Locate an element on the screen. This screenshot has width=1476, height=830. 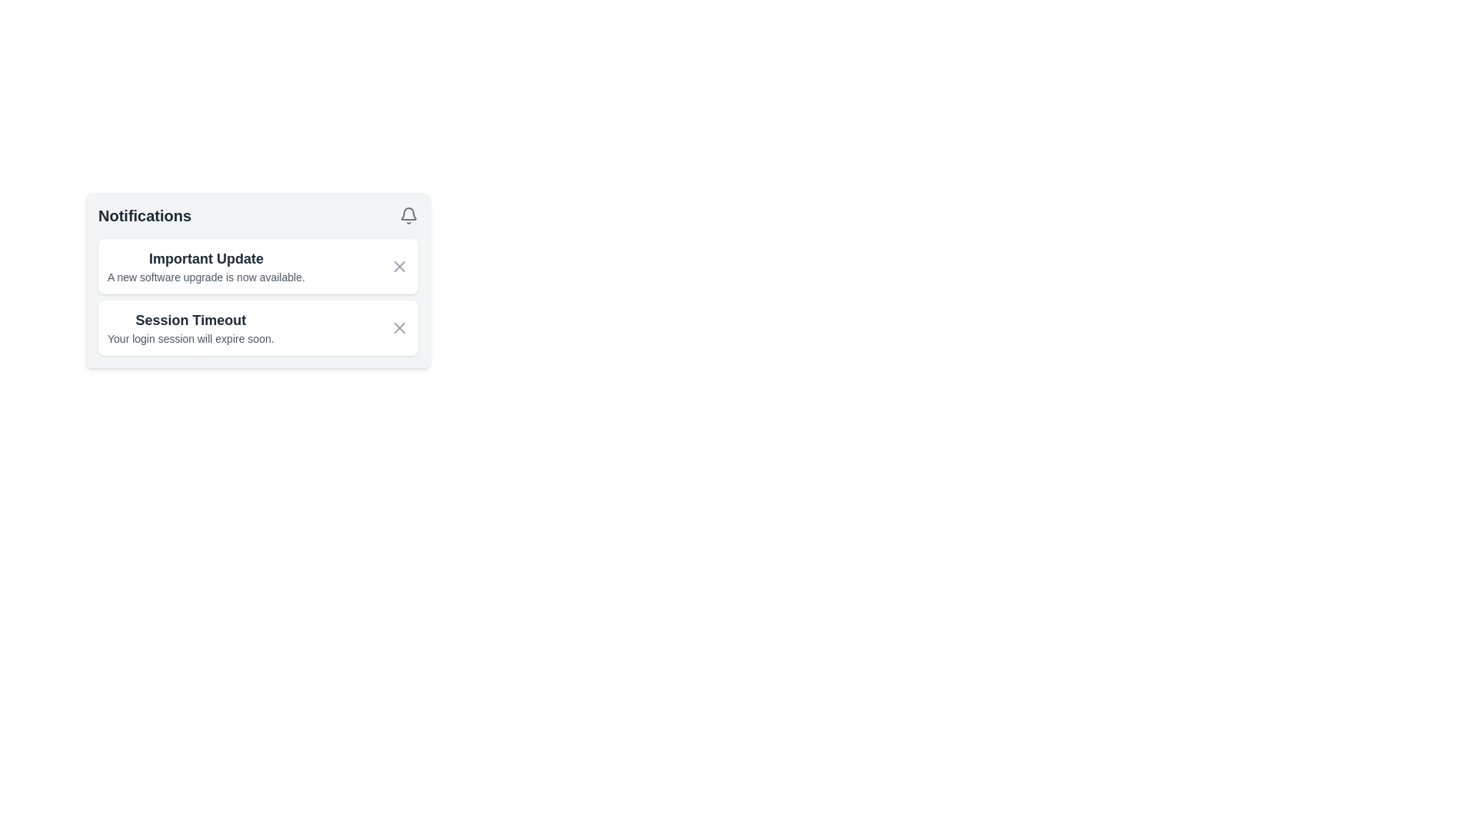
the button located to the right of the title 'Important Update' in the top notification card to trigger a color change effect is located at coordinates (399, 266).